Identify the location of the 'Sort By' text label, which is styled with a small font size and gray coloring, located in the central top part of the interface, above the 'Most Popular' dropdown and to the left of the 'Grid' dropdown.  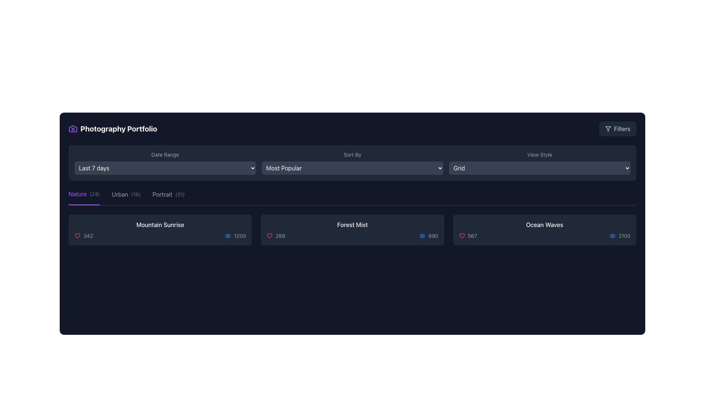
(352, 154).